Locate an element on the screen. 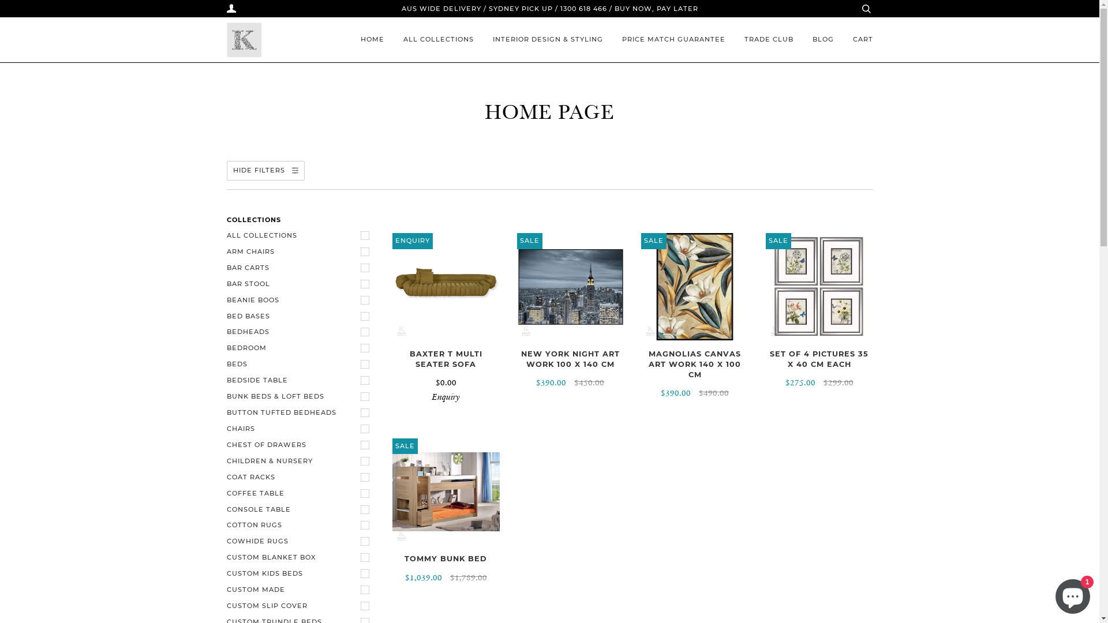 This screenshot has height=623, width=1108. 'HOME' is located at coordinates (372, 39).